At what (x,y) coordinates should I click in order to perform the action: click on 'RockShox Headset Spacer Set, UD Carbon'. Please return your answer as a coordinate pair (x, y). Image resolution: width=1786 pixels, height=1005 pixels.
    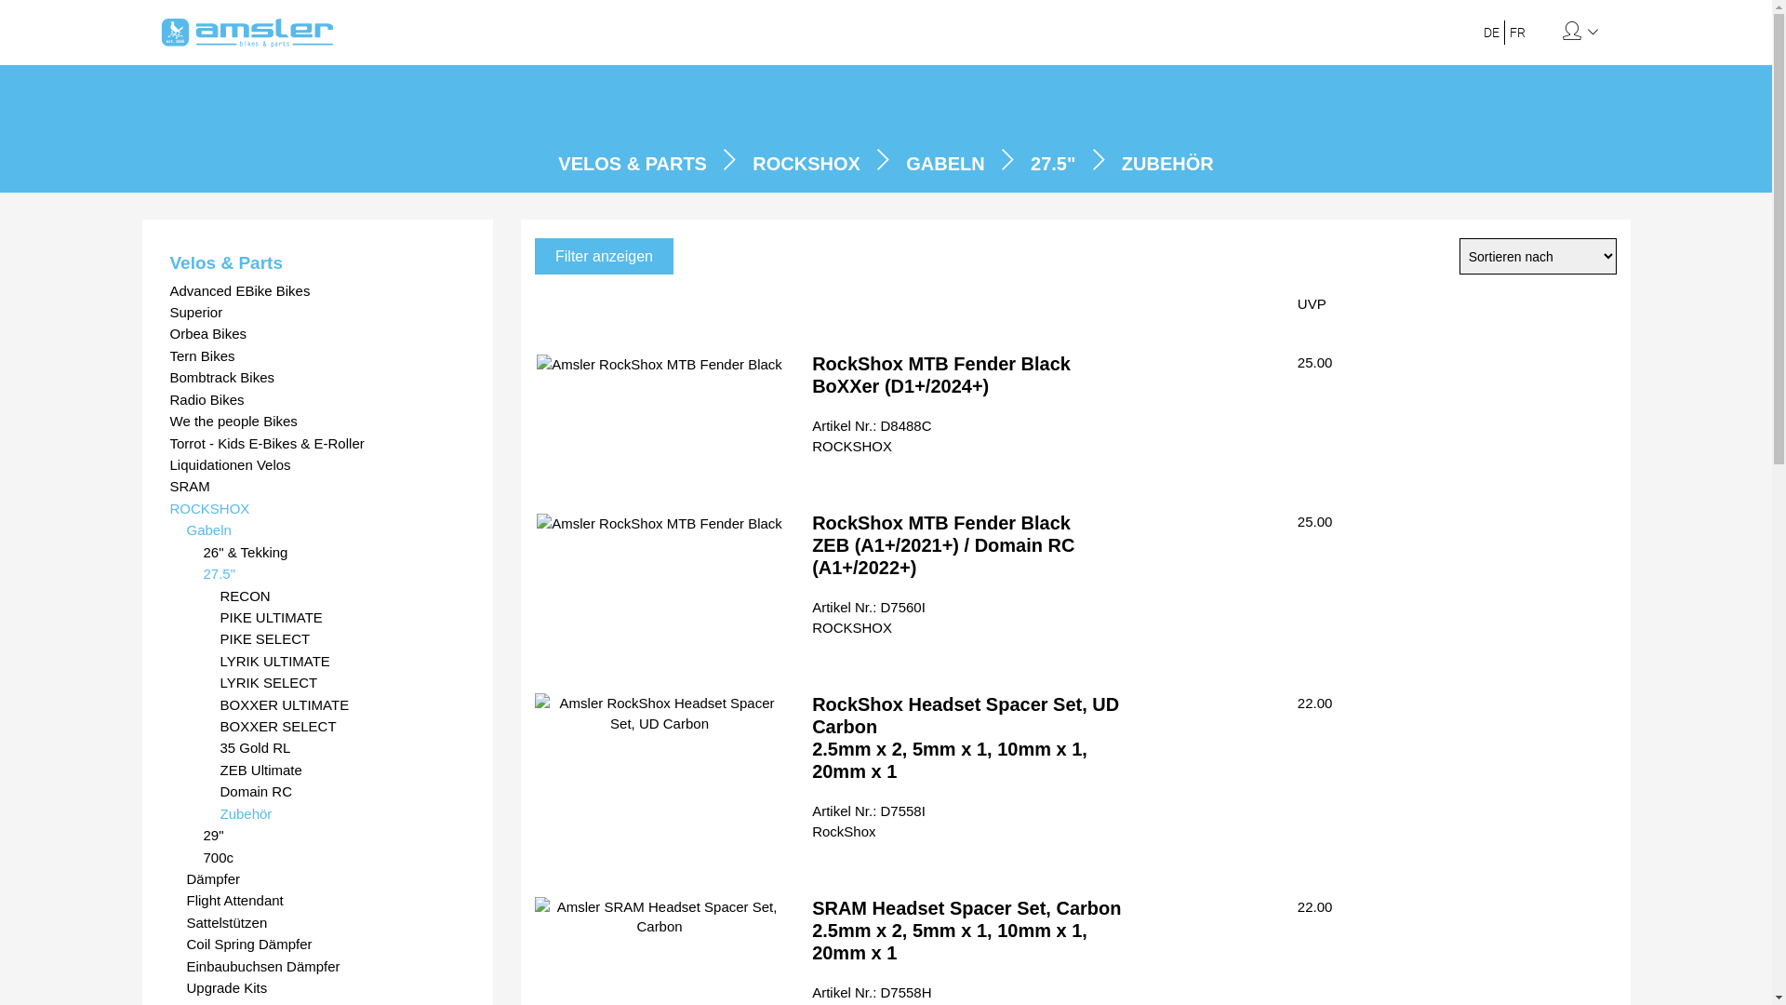
    Looking at the image, I should click on (660, 712).